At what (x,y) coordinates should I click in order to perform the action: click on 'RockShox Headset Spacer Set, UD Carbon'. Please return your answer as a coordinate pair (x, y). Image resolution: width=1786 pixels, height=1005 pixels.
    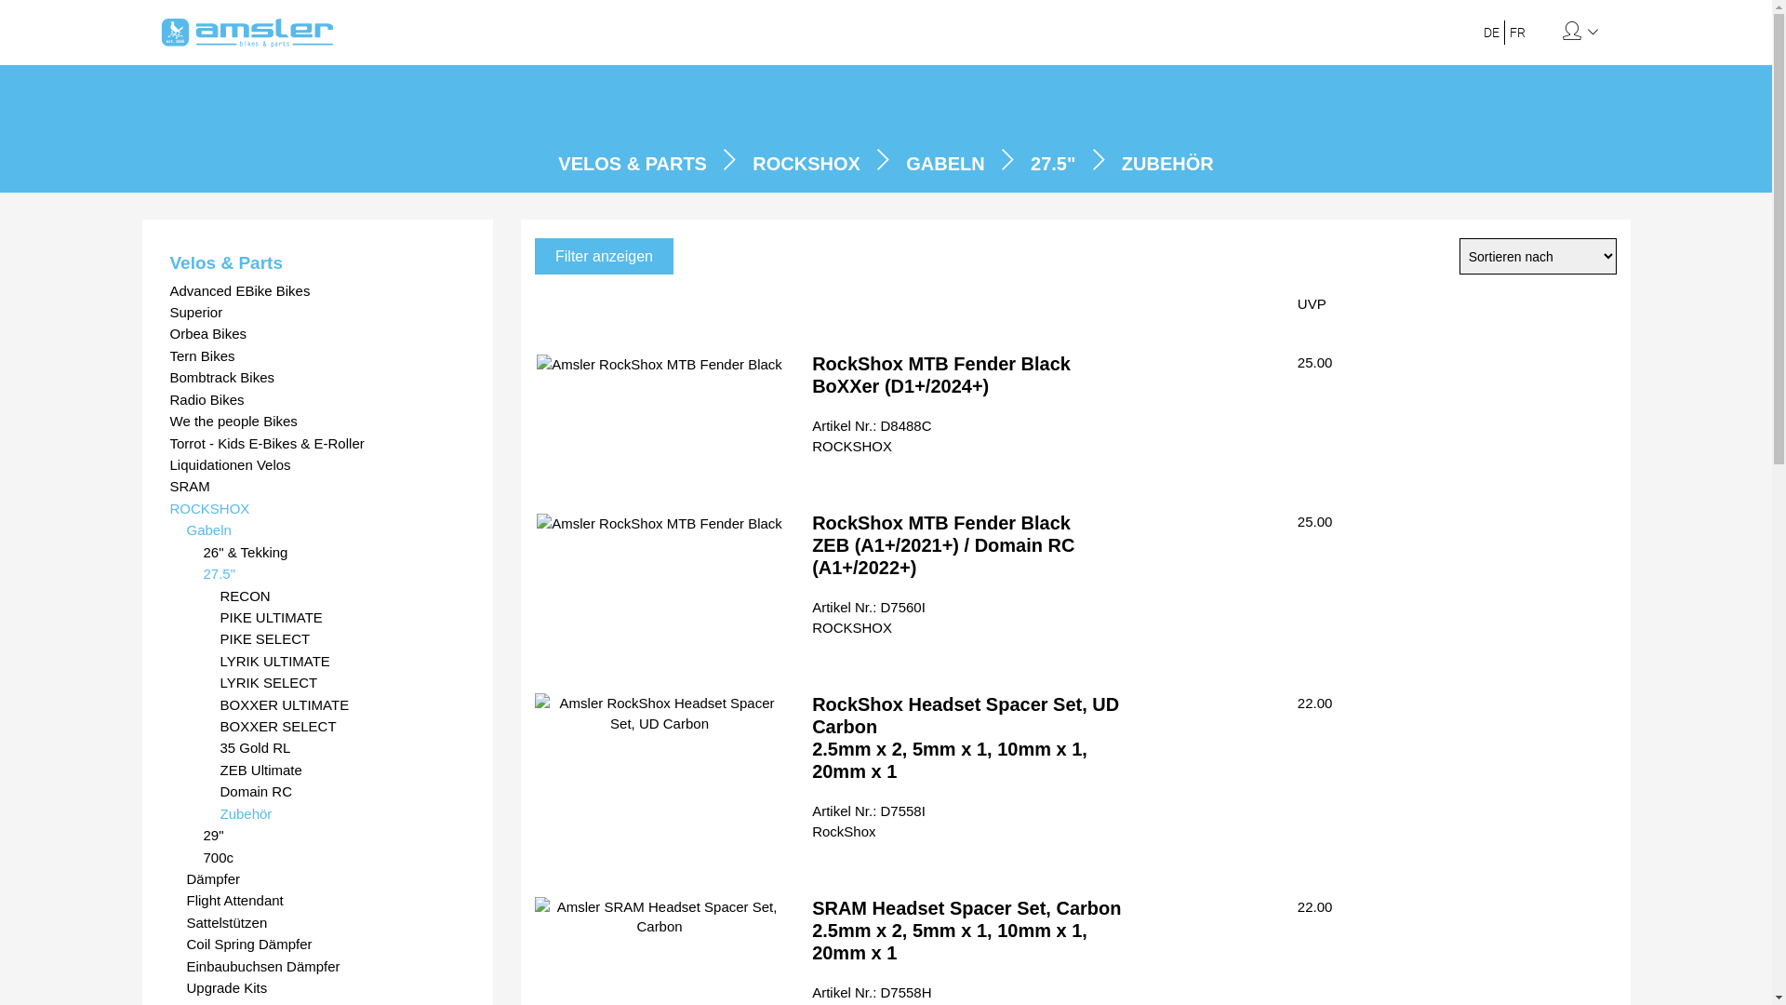
    Looking at the image, I should click on (660, 712).